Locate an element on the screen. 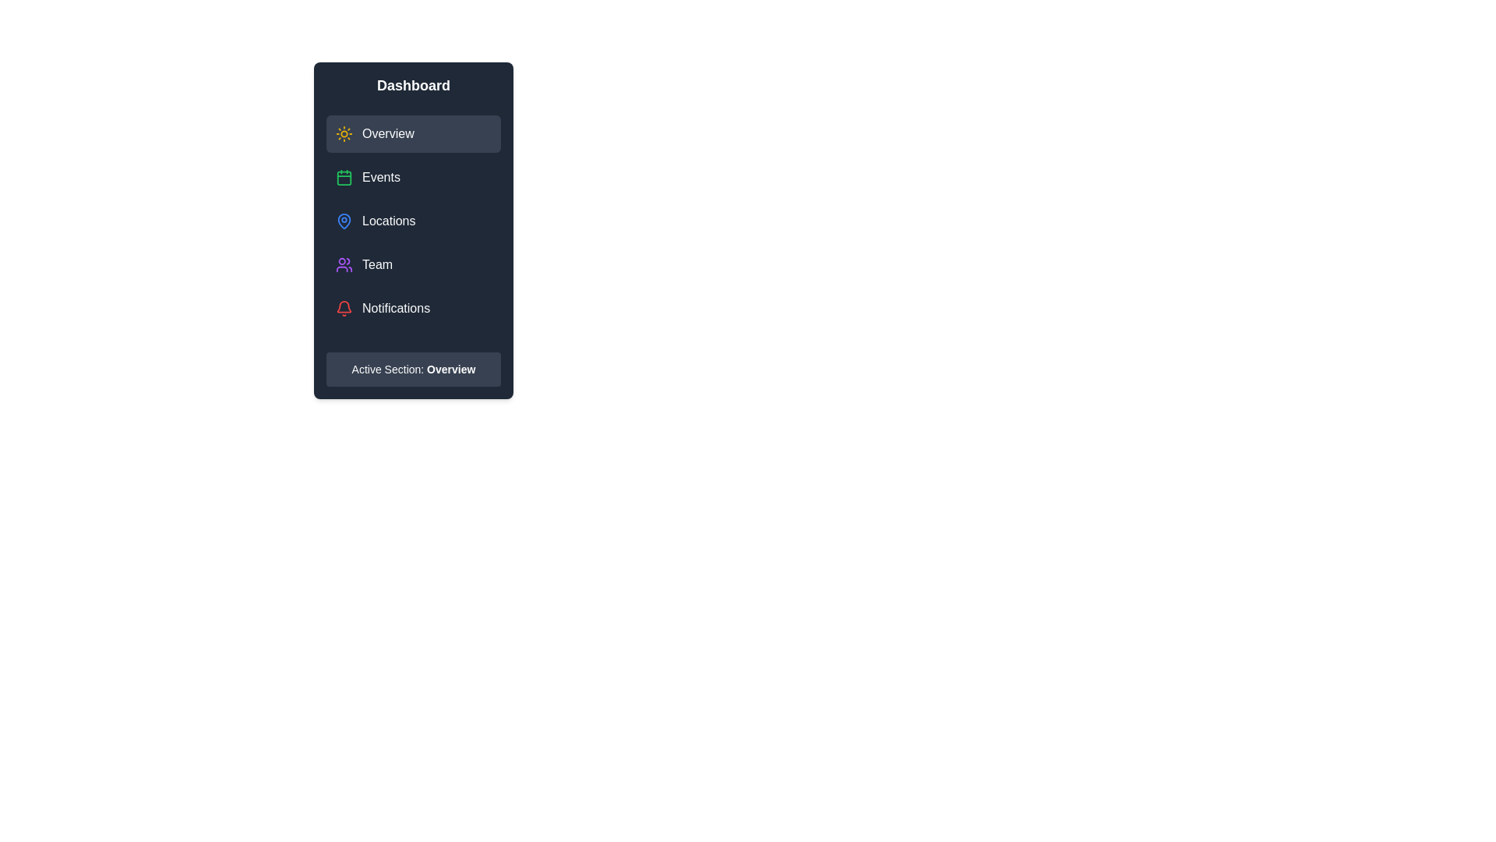  the menu item Locations to navigate to the corresponding section is located at coordinates (414, 221).